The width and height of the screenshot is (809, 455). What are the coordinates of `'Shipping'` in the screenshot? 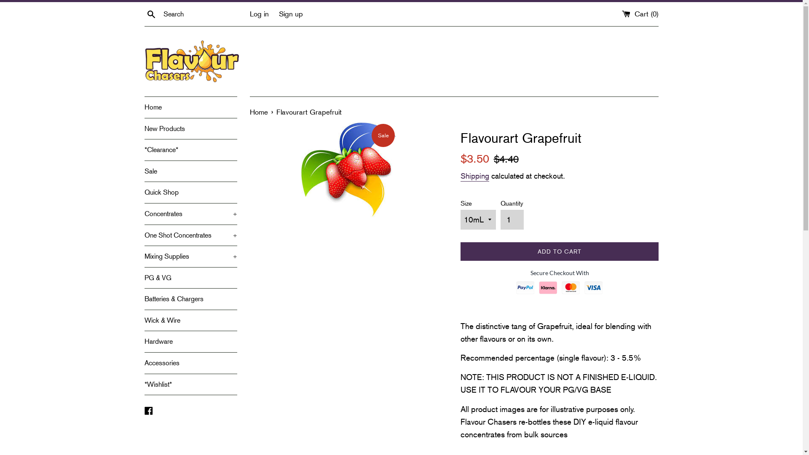 It's located at (474, 176).